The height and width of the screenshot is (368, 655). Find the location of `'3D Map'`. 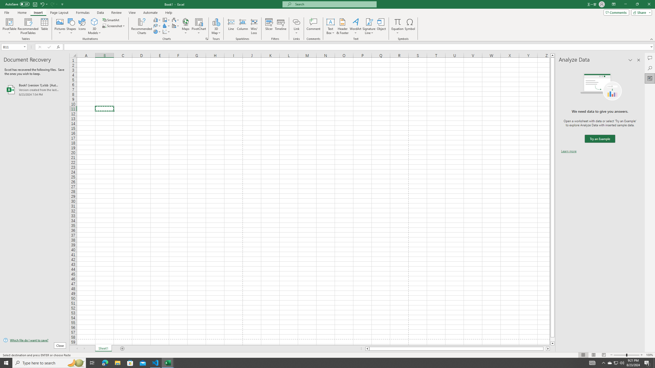

'3D Map' is located at coordinates (216, 26).